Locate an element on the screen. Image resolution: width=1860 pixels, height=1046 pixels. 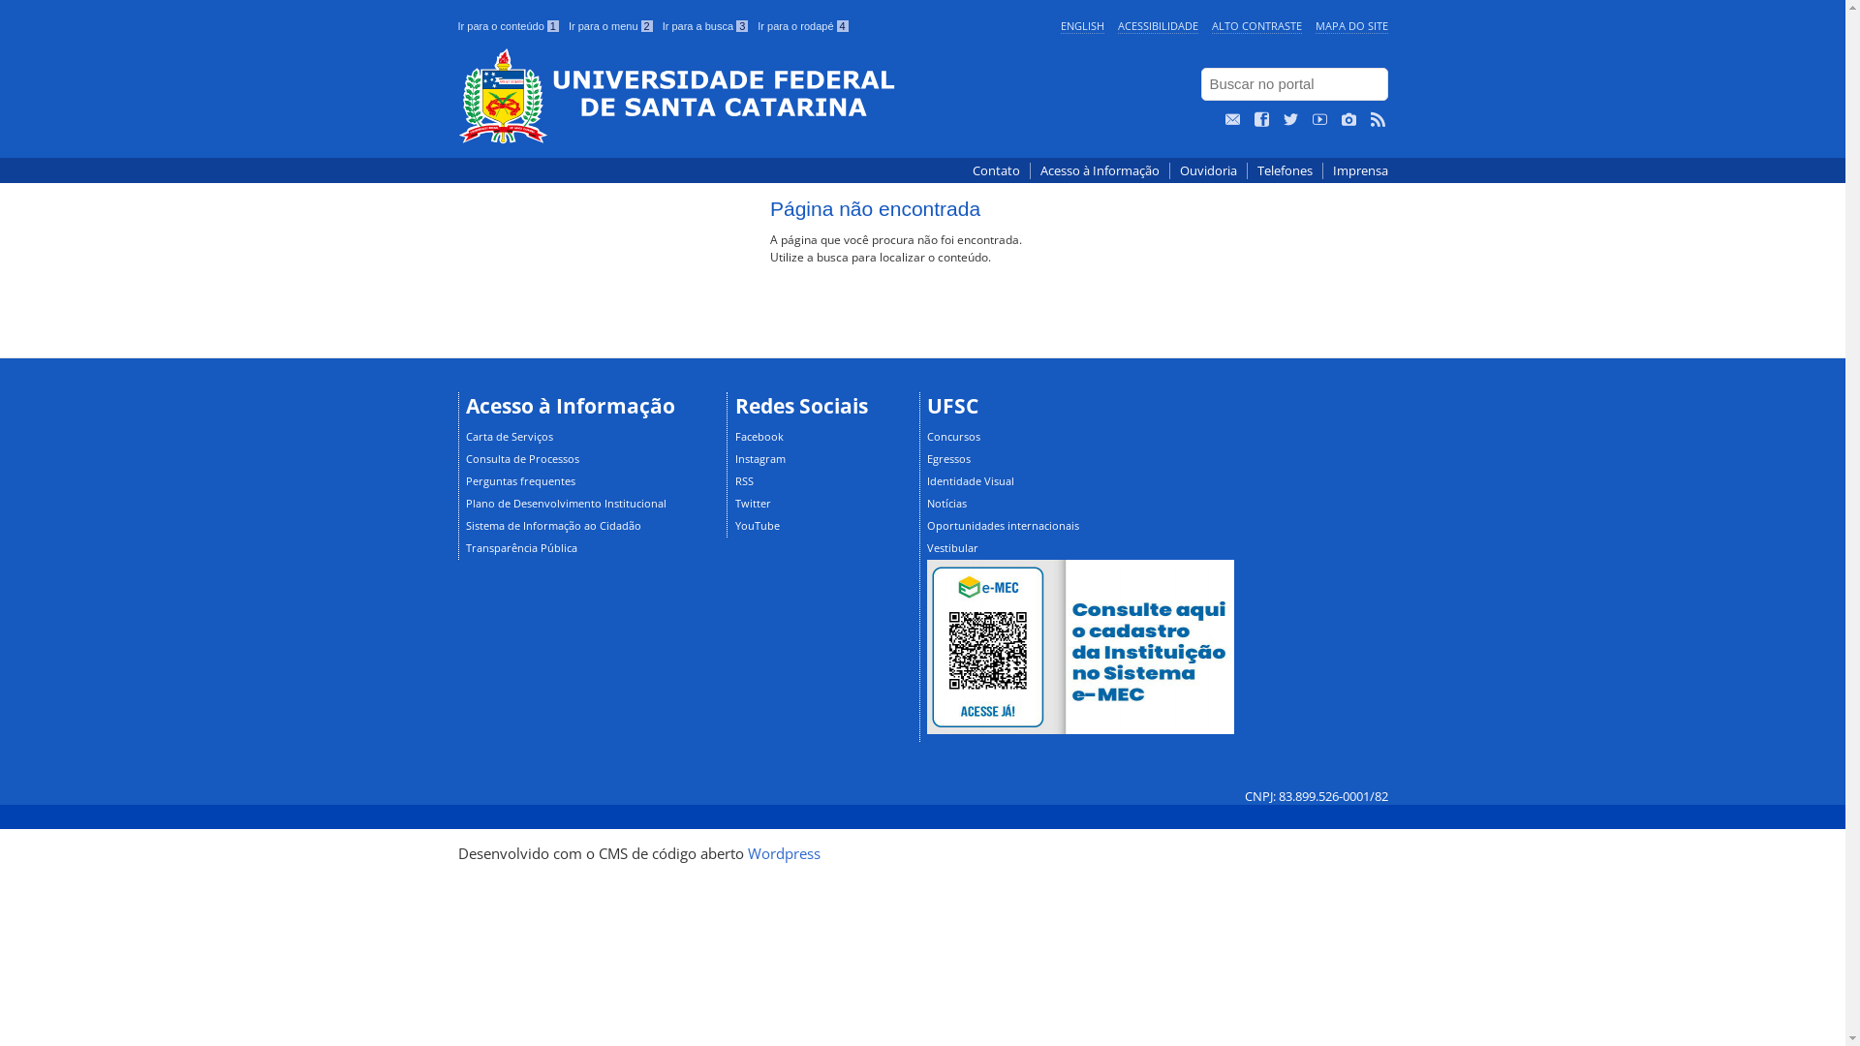
'Plano de Desenvolvimento Institucional' is located at coordinates (565, 502).